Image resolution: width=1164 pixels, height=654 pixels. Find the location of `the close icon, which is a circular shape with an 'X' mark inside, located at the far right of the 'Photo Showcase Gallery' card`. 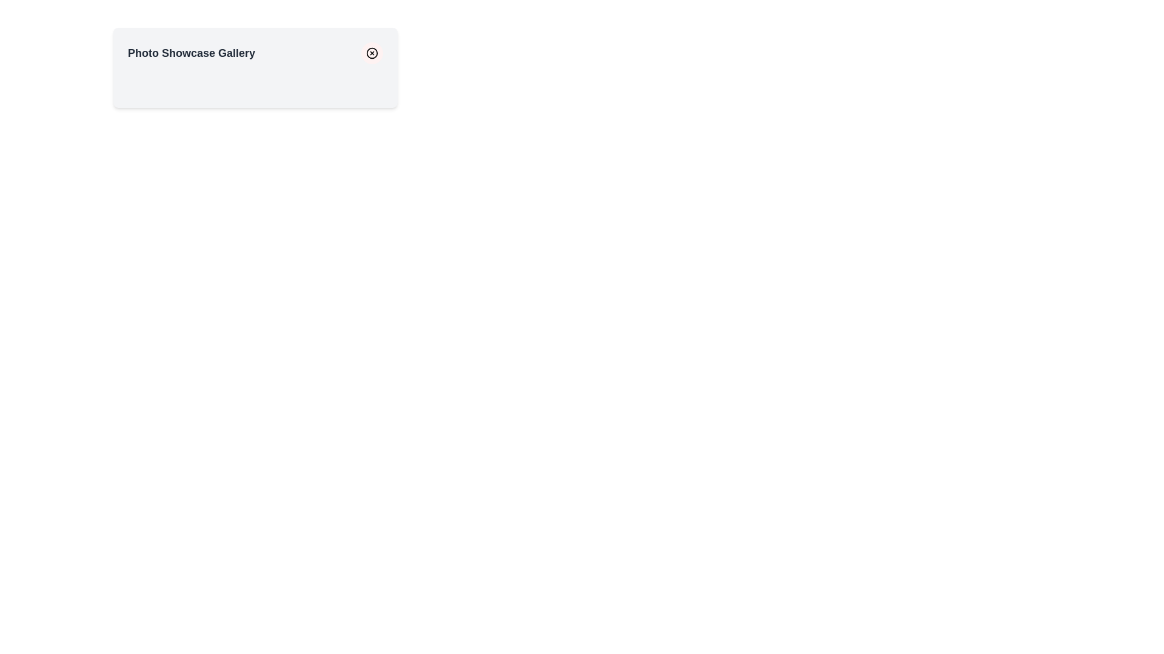

the close icon, which is a circular shape with an 'X' mark inside, located at the far right of the 'Photo Showcase Gallery' card is located at coordinates (372, 53).